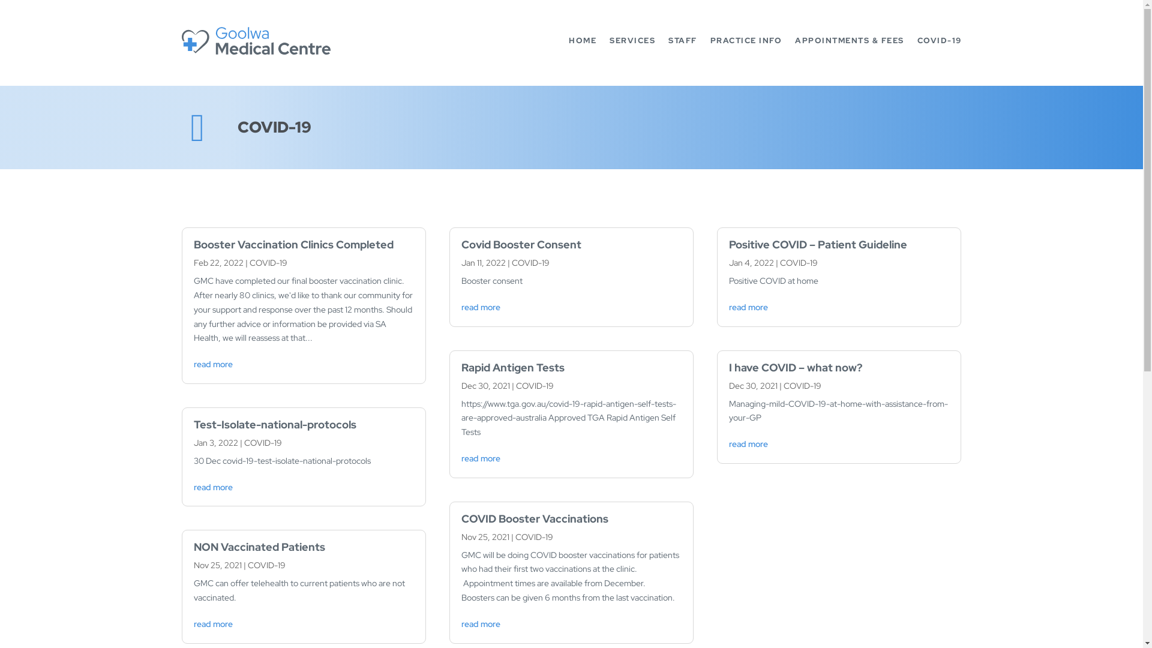 The height and width of the screenshot is (648, 1152). Describe the element at coordinates (512, 367) in the screenshot. I see `'Rapid Antigen Tests'` at that location.